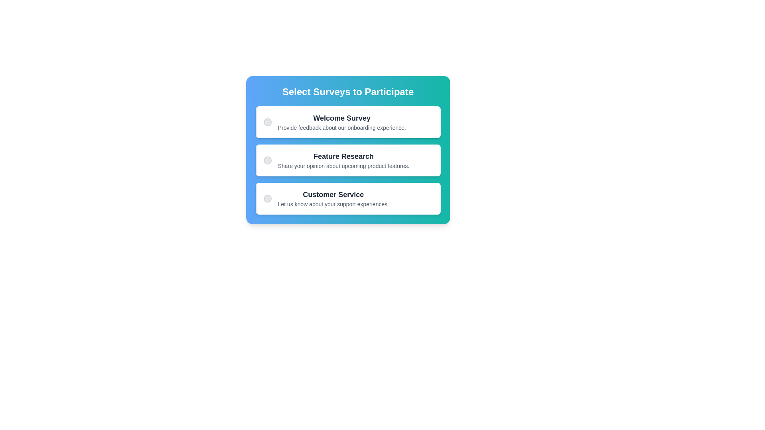  What do you see at coordinates (336, 160) in the screenshot?
I see `the group containing the bold title 'Feature Research' and the descriptive text 'Share your opinion about upcoming product features.', which is the second card in a vertical list` at bounding box center [336, 160].